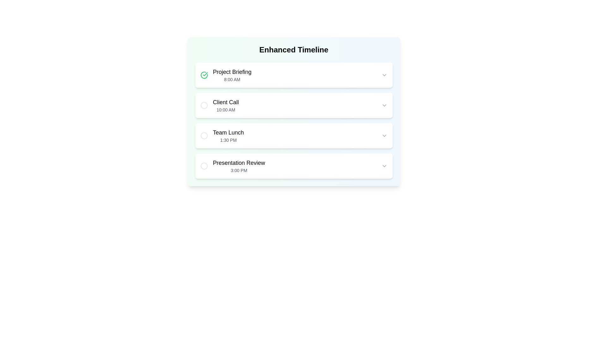  Describe the element at coordinates (204, 105) in the screenshot. I see `the status indicator icon located to the left of the 'Client Call' text in the timeline` at that location.